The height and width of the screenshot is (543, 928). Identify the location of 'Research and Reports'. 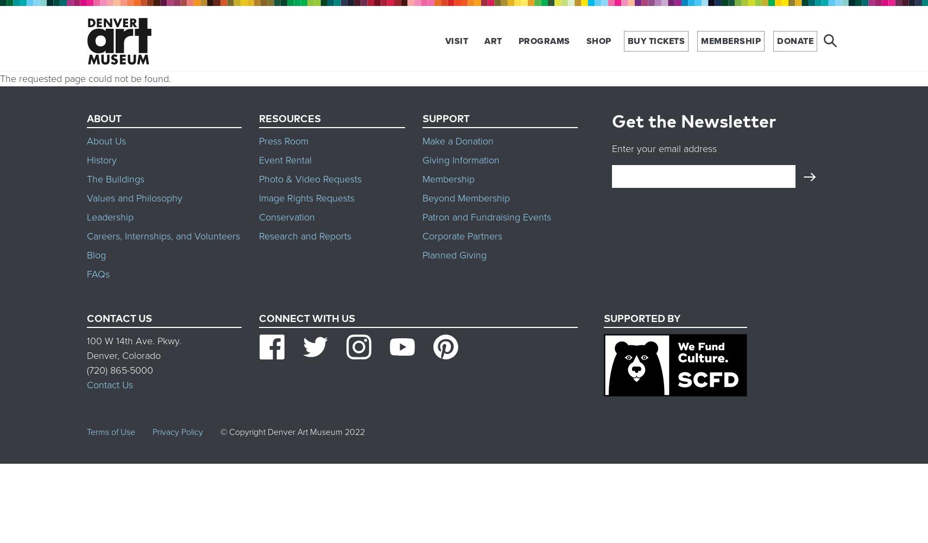
(304, 236).